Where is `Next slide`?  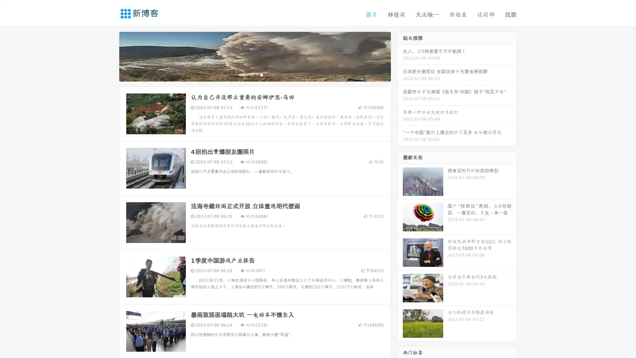
Next slide is located at coordinates (400, 56).